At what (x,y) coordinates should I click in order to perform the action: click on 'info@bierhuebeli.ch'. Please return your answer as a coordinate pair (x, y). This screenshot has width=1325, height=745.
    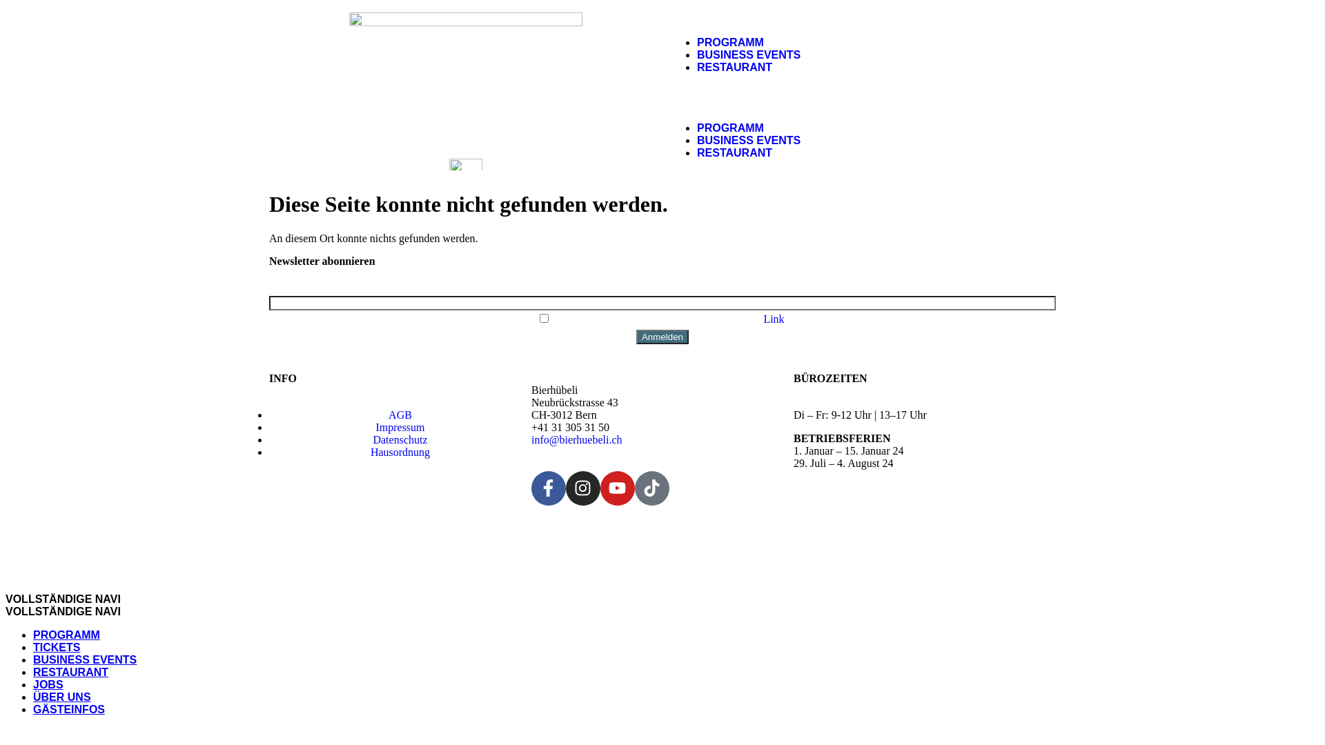
    Looking at the image, I should click on (576, 439).